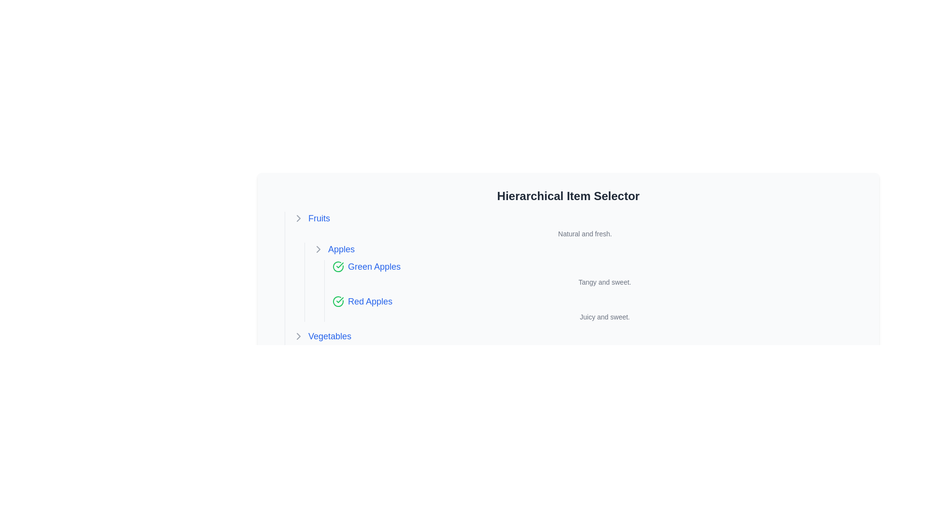  What do you see at coordinates (338, 266) in the screenshot?
I see `the status indicator icon to the left of the 'Green Apples' label, indicating that 'Green Apples' has been selected or is active` at bounding box center [338, 266].